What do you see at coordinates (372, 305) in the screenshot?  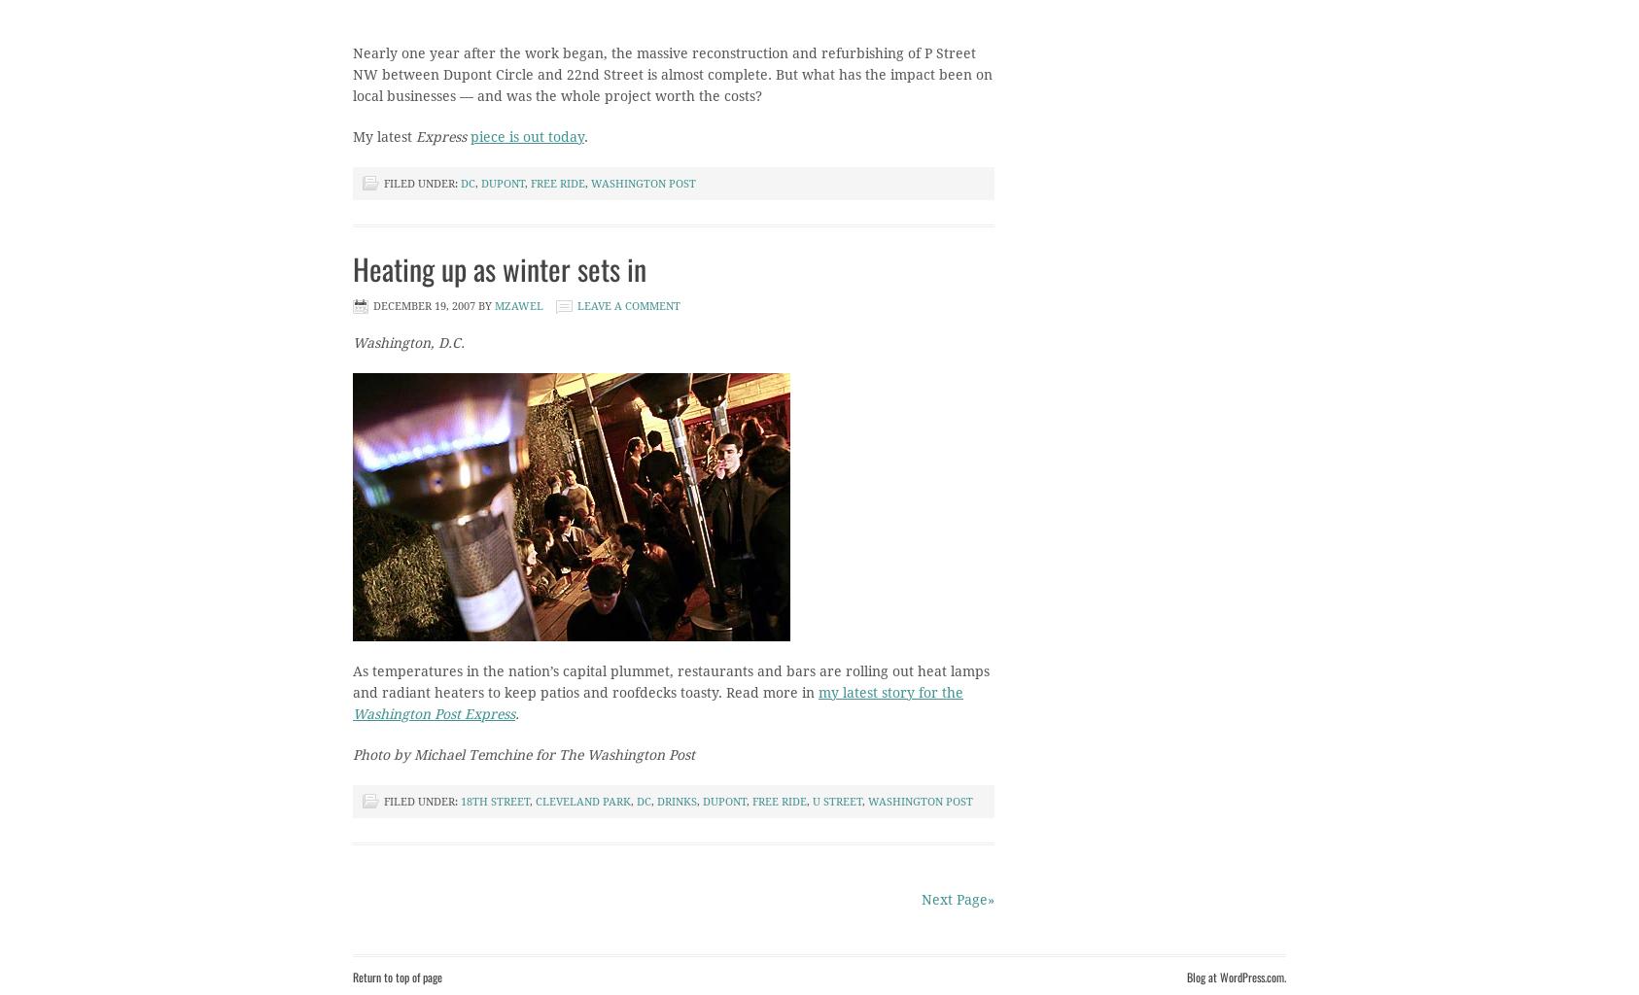 I see `'December 19, 2007'` at bounding box center [372, 305].